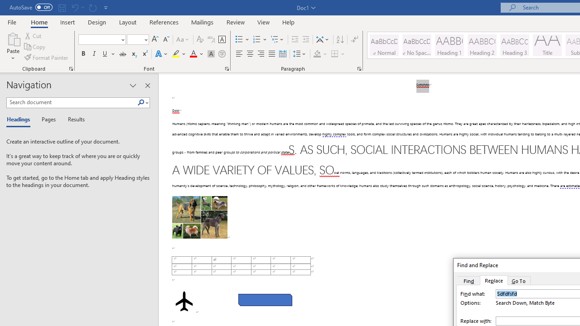 The image size is (580, 326). Describe the element at coordinates (358, 68) in the screenshot. I see `'Paragraph...'` at that location.